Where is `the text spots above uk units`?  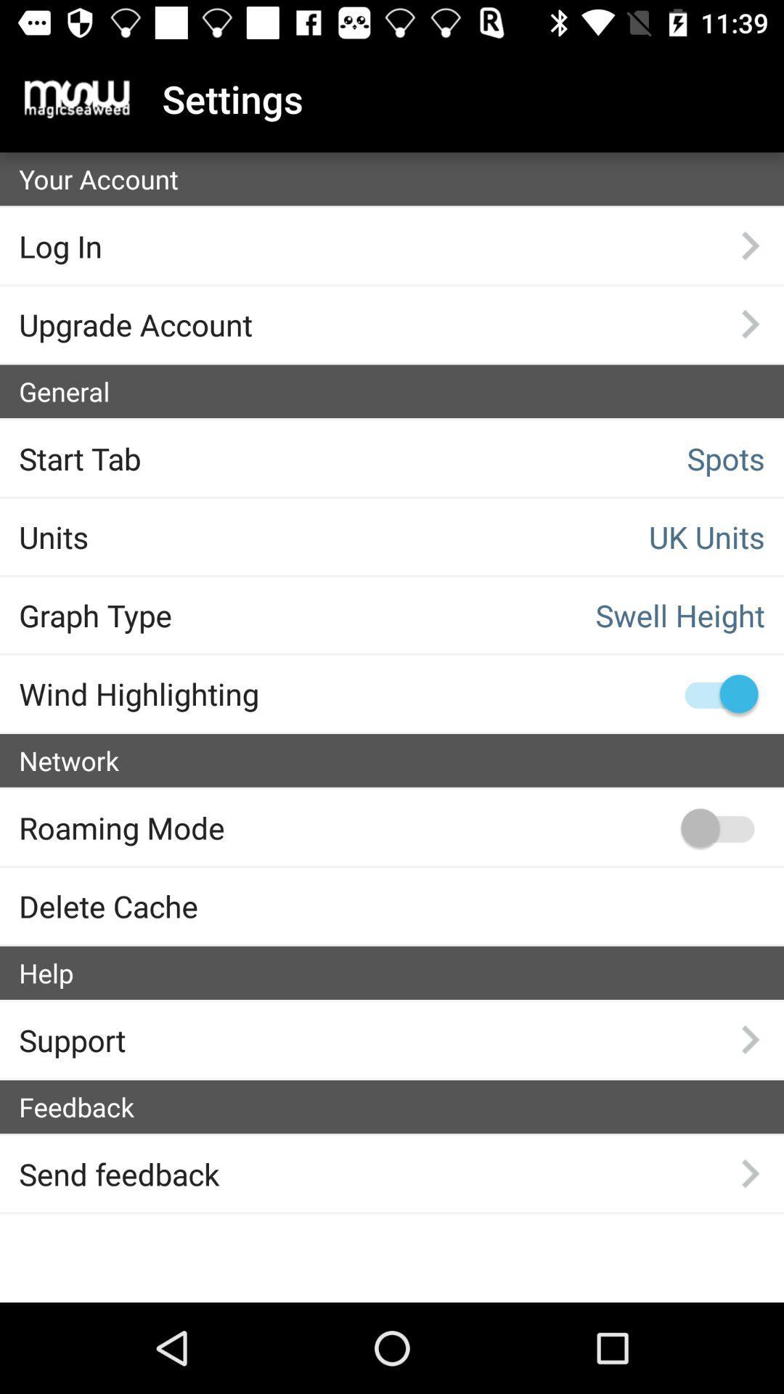 the text spots above uk units is located at coordinates (593, 457).